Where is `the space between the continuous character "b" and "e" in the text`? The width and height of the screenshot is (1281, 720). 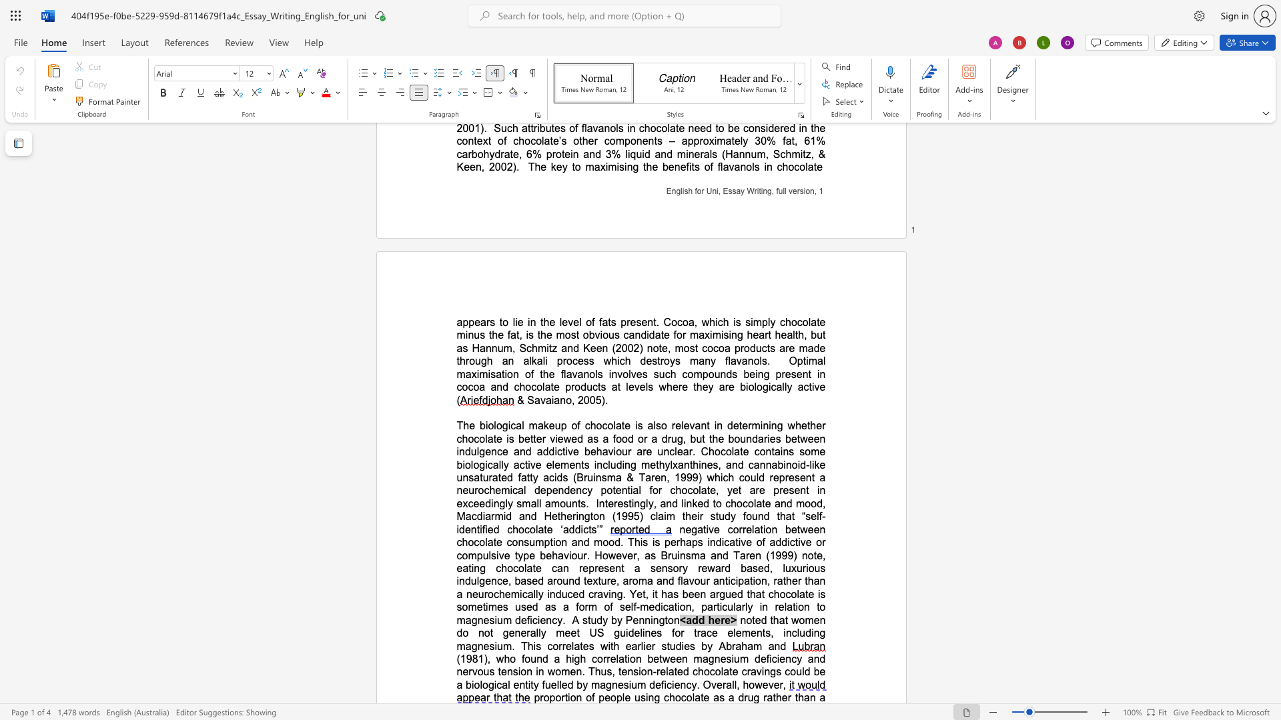
the space between the continuous character "b" and "e" in the text is located at coordinates (668, 166).